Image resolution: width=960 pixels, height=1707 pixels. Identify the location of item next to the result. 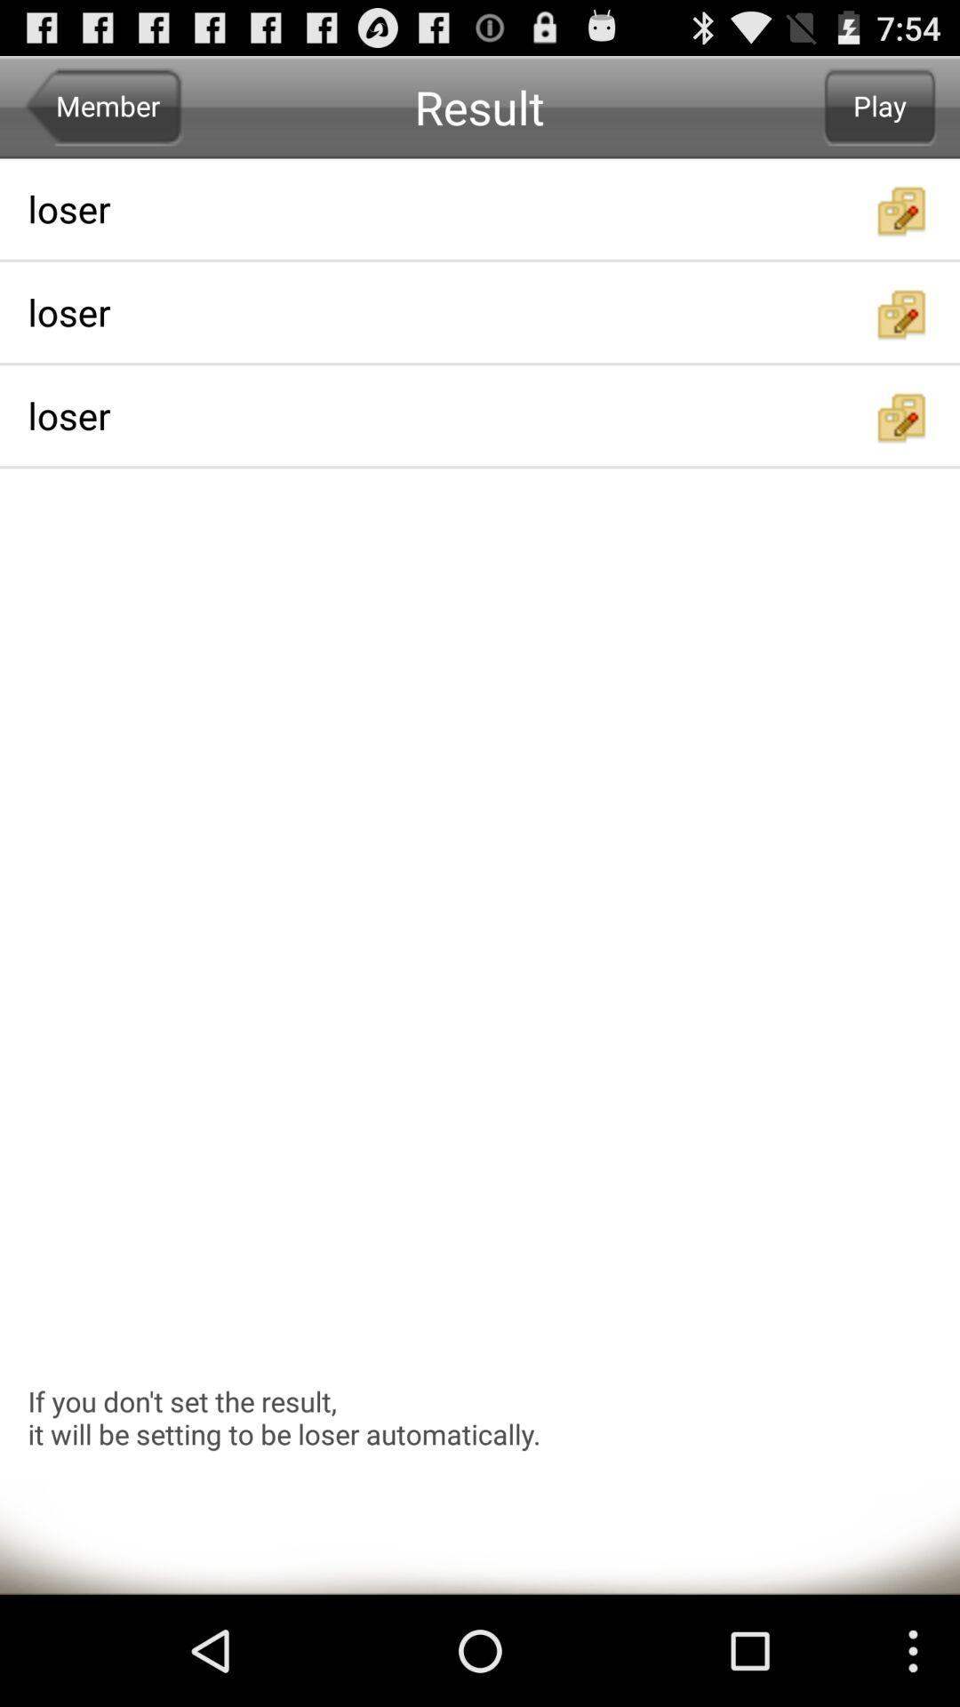
(103, 106).